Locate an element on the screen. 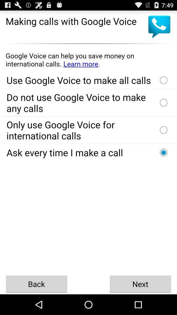  ask every time i make a call is located at coordinates (163, 152).